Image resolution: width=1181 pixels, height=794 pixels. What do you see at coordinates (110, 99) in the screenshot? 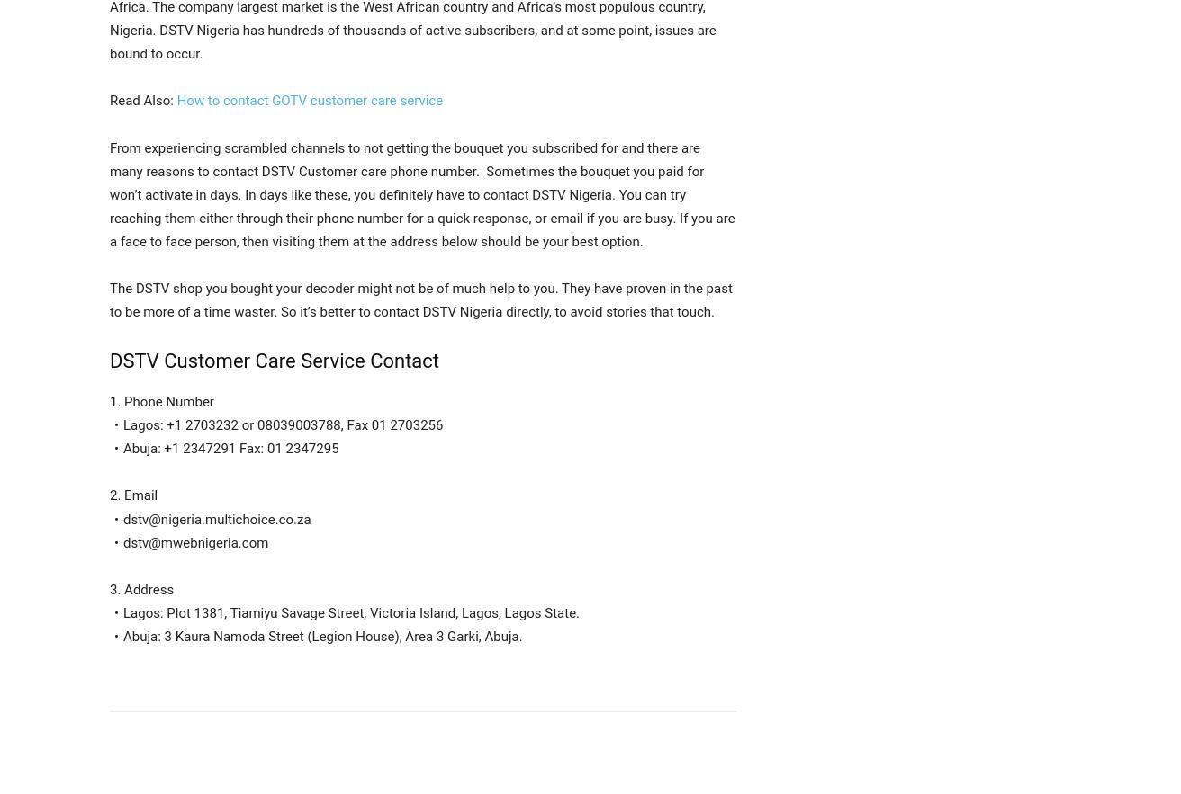
I see `'Read Also:'` at bounding box center [110, 99].